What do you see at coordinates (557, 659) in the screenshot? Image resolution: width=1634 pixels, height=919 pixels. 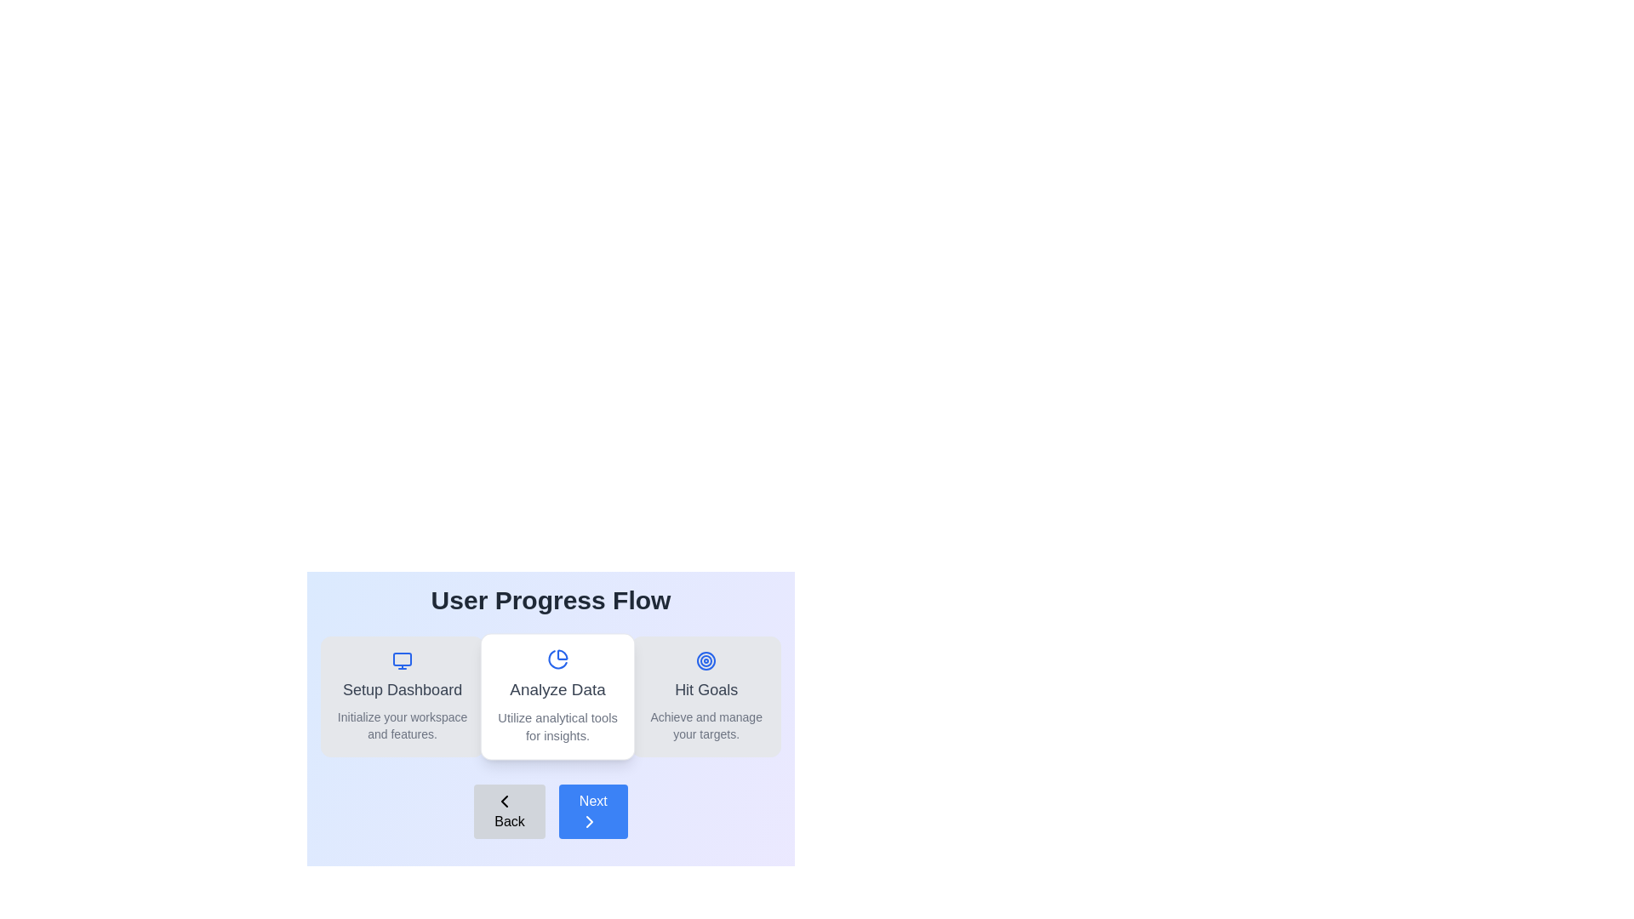 I see `the icon of the current step to observe its details` at bounding box center [557, 659].